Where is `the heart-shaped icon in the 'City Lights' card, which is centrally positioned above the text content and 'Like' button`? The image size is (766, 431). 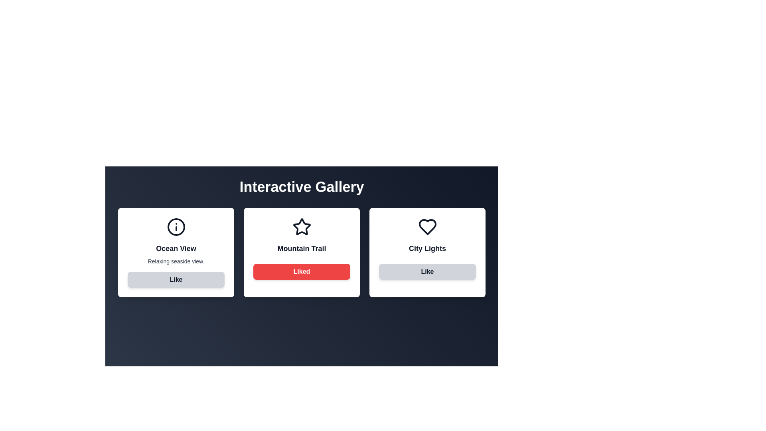
the heart-shaped icon in the 'City Lights' card, which is centrally positioned above the text content and 'Like' button is located at coordinates (427, 227).